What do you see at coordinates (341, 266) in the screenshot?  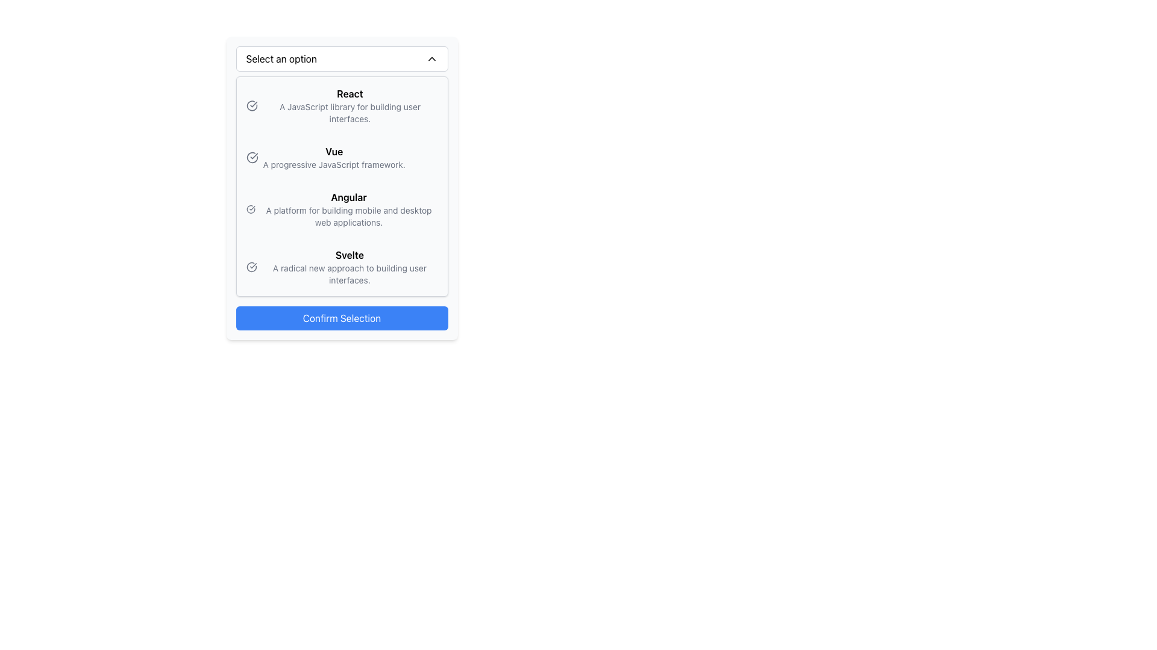 I see `the fourth selectable list item labeled 'Svelte' which contains a bold heading and a description in smaller gray text` at bounding box center [341, 266].